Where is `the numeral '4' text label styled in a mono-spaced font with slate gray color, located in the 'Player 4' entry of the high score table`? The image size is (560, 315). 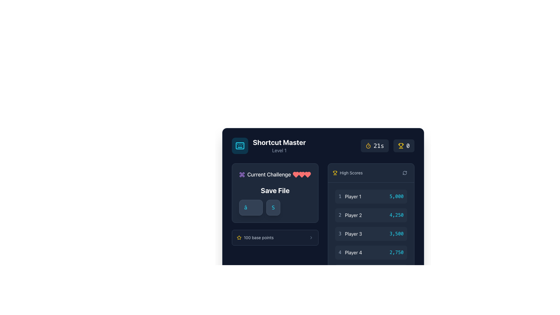 the numeral '4' text label styled in a mono-spaced font with slate gray color, located in the 'Player 4' entry of the high score table is located at coordinates (340, 252).